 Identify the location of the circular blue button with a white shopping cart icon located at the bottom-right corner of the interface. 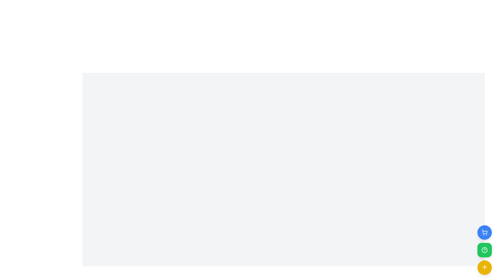
(484, 232).